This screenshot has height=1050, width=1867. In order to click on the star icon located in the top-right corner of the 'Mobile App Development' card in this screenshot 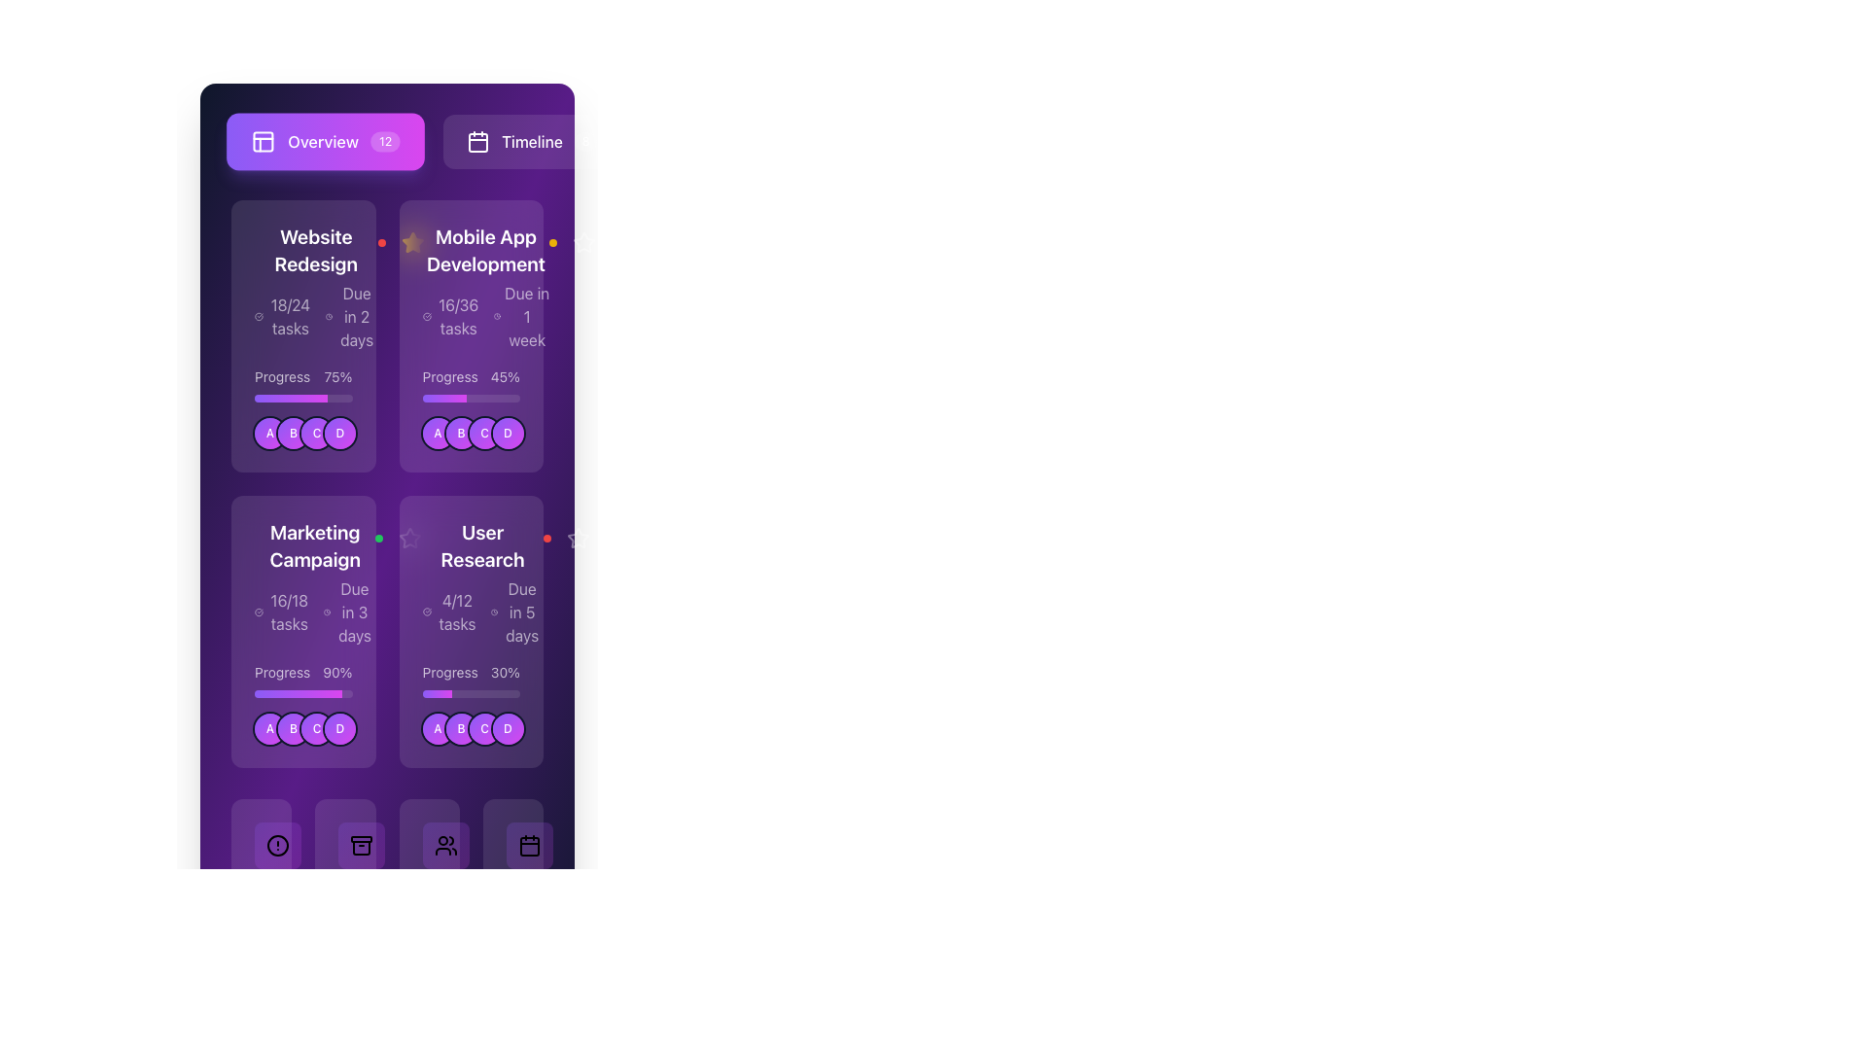, I will do `click(411, 242)`.